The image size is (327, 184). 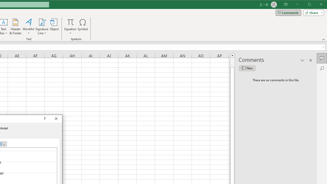 What do you see at coordinates (44, 119) in the screenshot?
I see `'Context help'` at bounding box center [44, 119].